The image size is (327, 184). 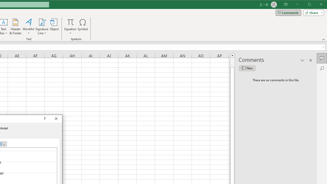 What do you see at coordinates (44, 119) in the screenshot?
I see `'Context help'` at bounding box center [44, 119].